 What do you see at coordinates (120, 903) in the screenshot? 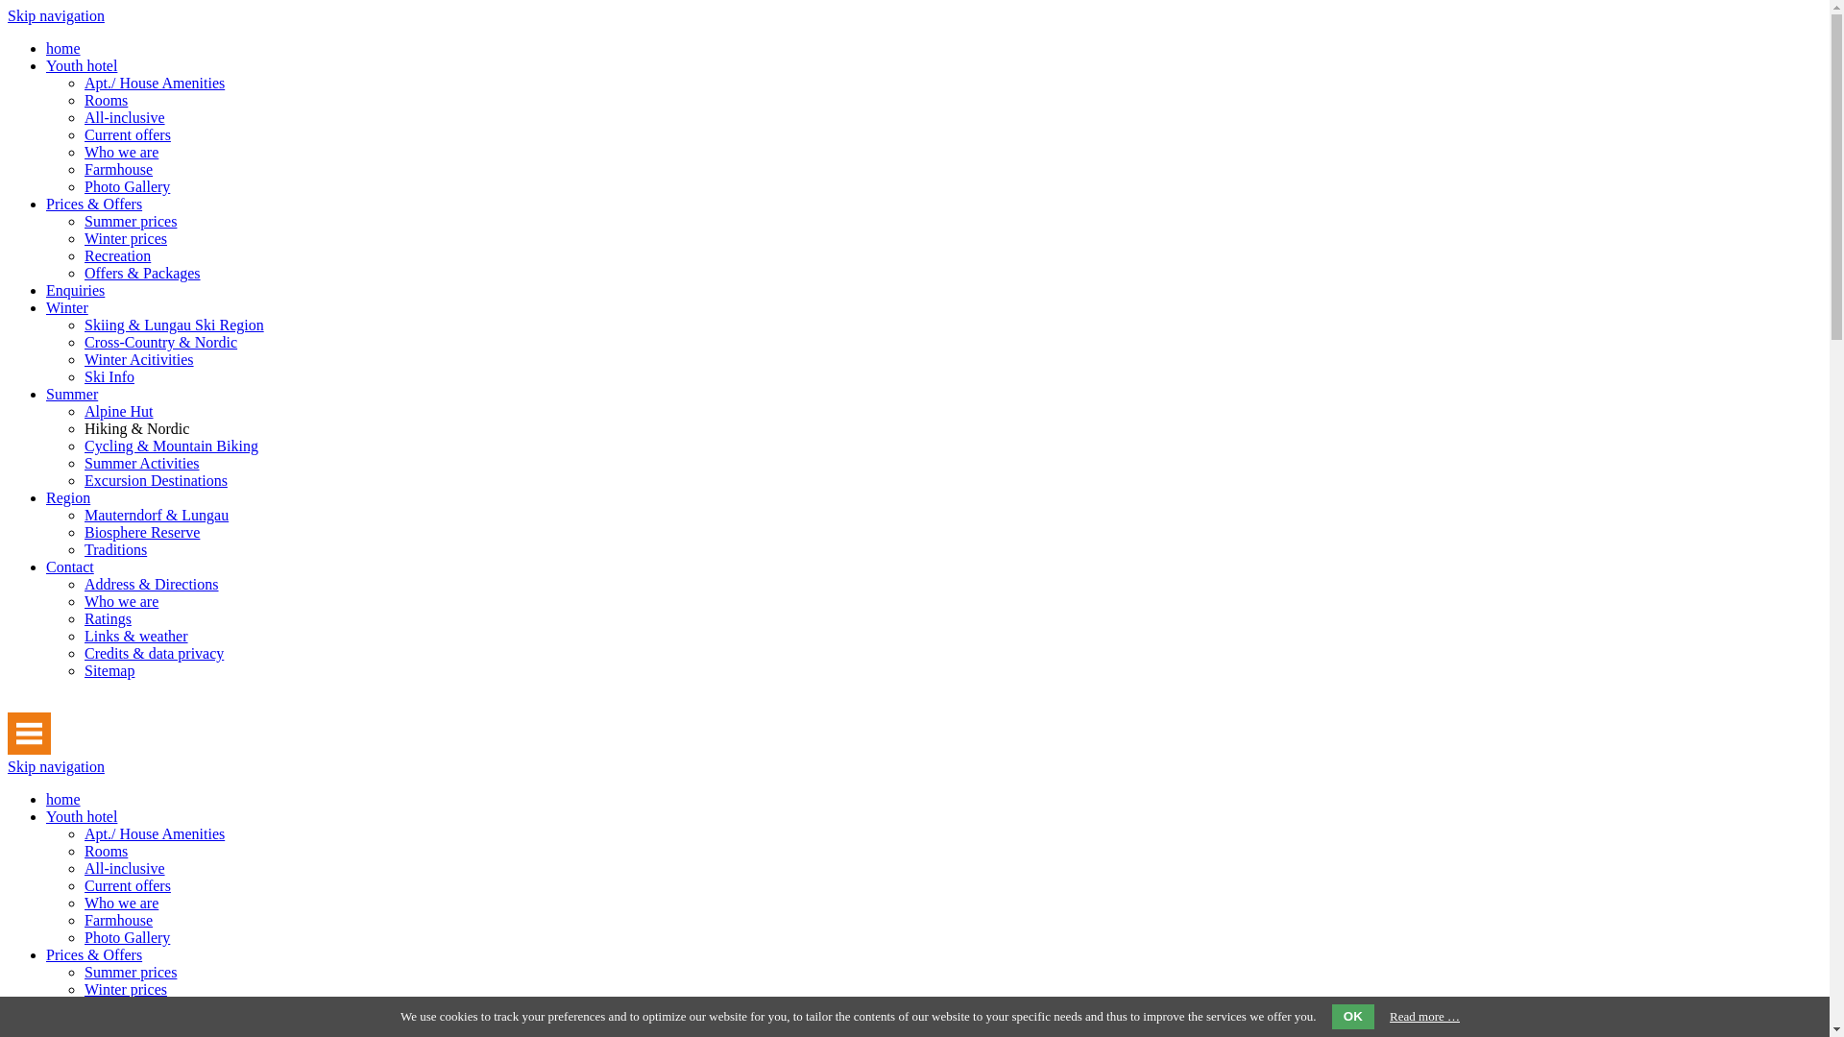
I see `'Who we are'` at bounding box center [120, 903].